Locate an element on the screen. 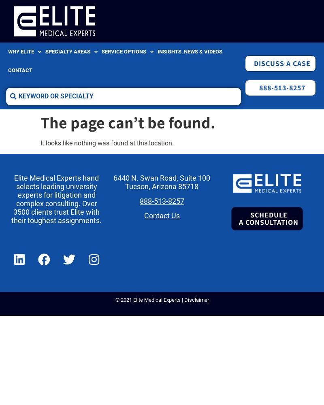  'SERVICE OPTIONS' is located at coordinates (101, 51).